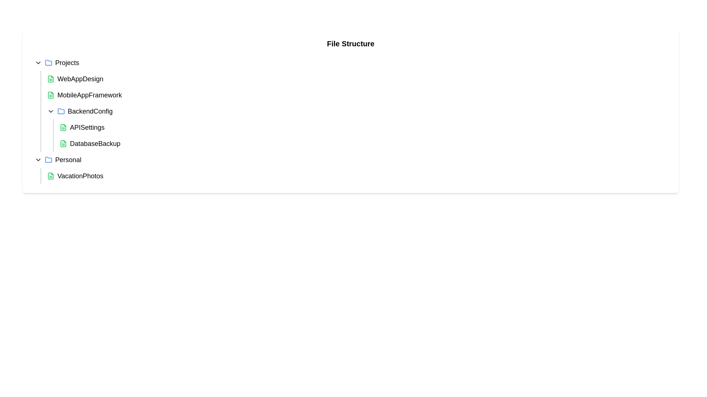  What do you see at coordinates (48, 62) in the screenshot?
I see `the blue folder icon located immediately to the right of the 'Projects' label in the top section of the hierarchical list interface to highlight it` at bounding box center [48, 62].